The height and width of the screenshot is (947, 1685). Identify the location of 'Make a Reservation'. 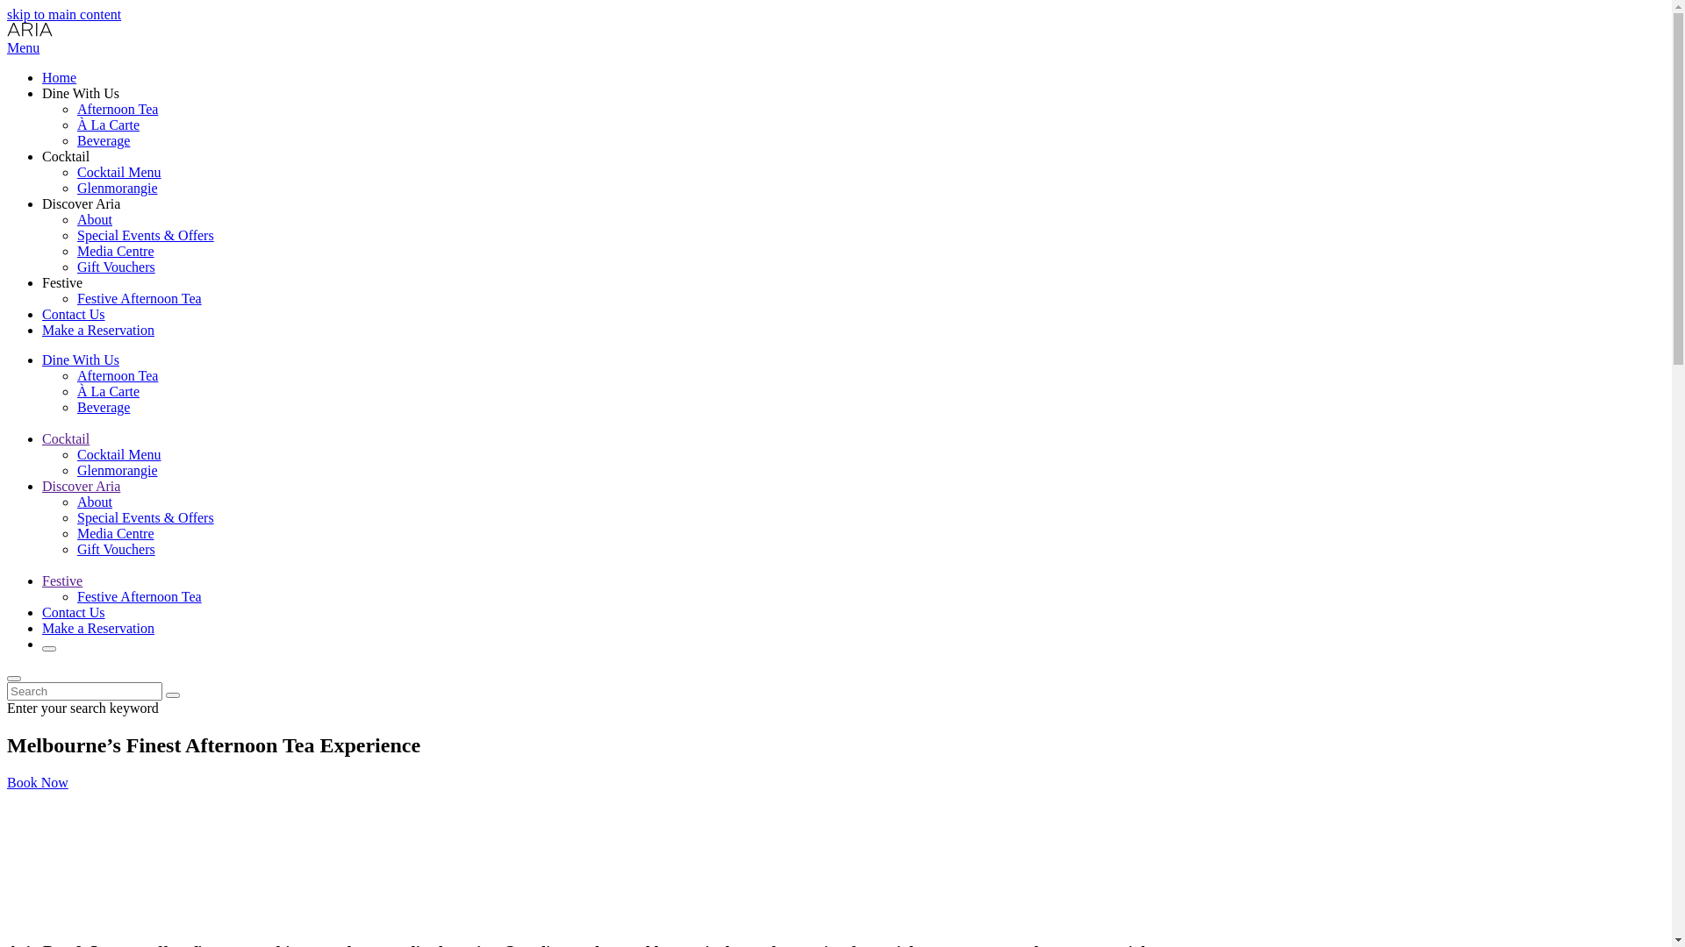
(97, 627).